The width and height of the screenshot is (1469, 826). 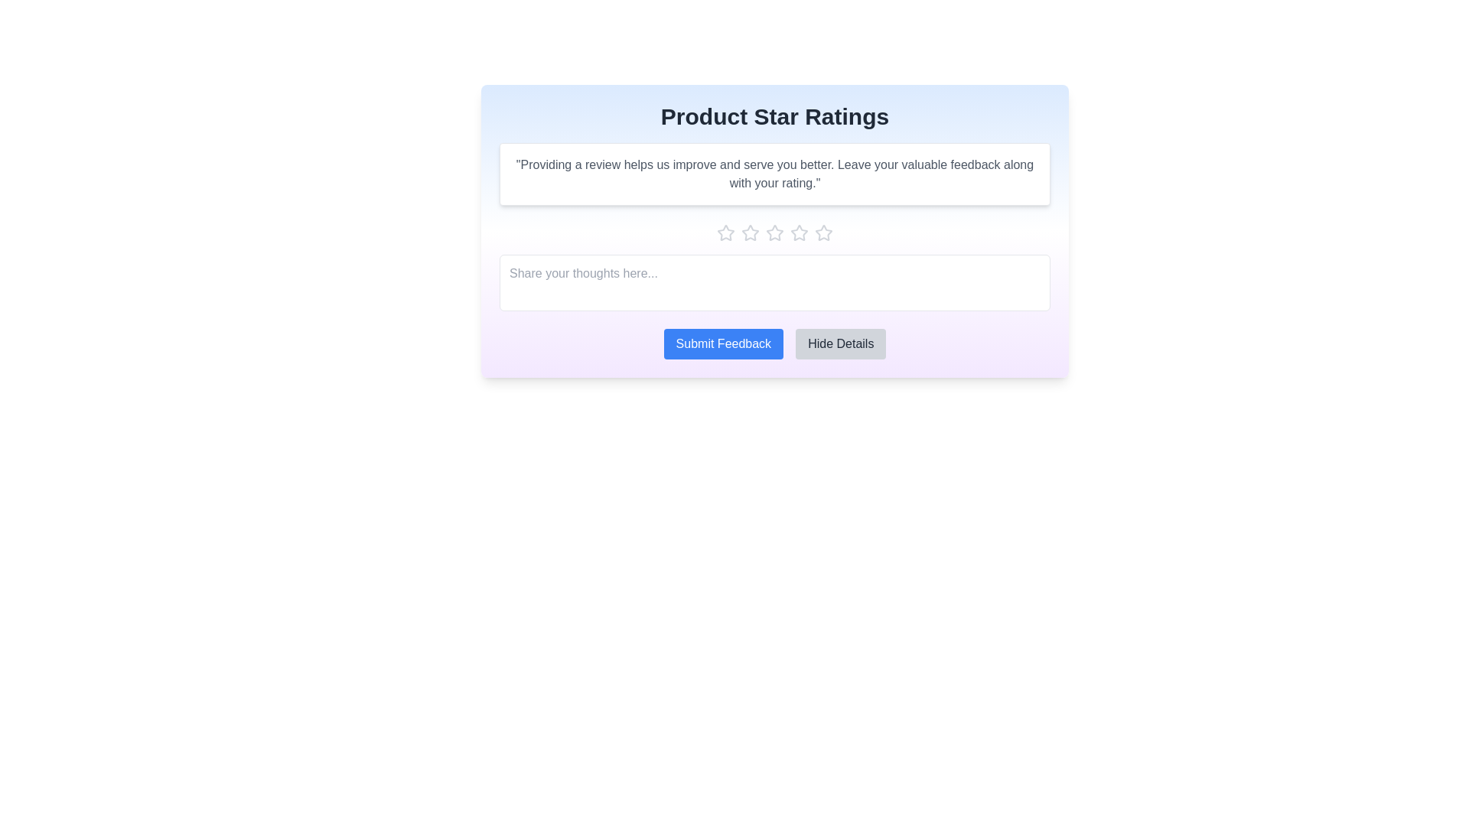 What do you see at coordinates (799, 233) in the screenshot?
I see `the star corresponding to 4 to set the rating` at bounding box center [799, 233].